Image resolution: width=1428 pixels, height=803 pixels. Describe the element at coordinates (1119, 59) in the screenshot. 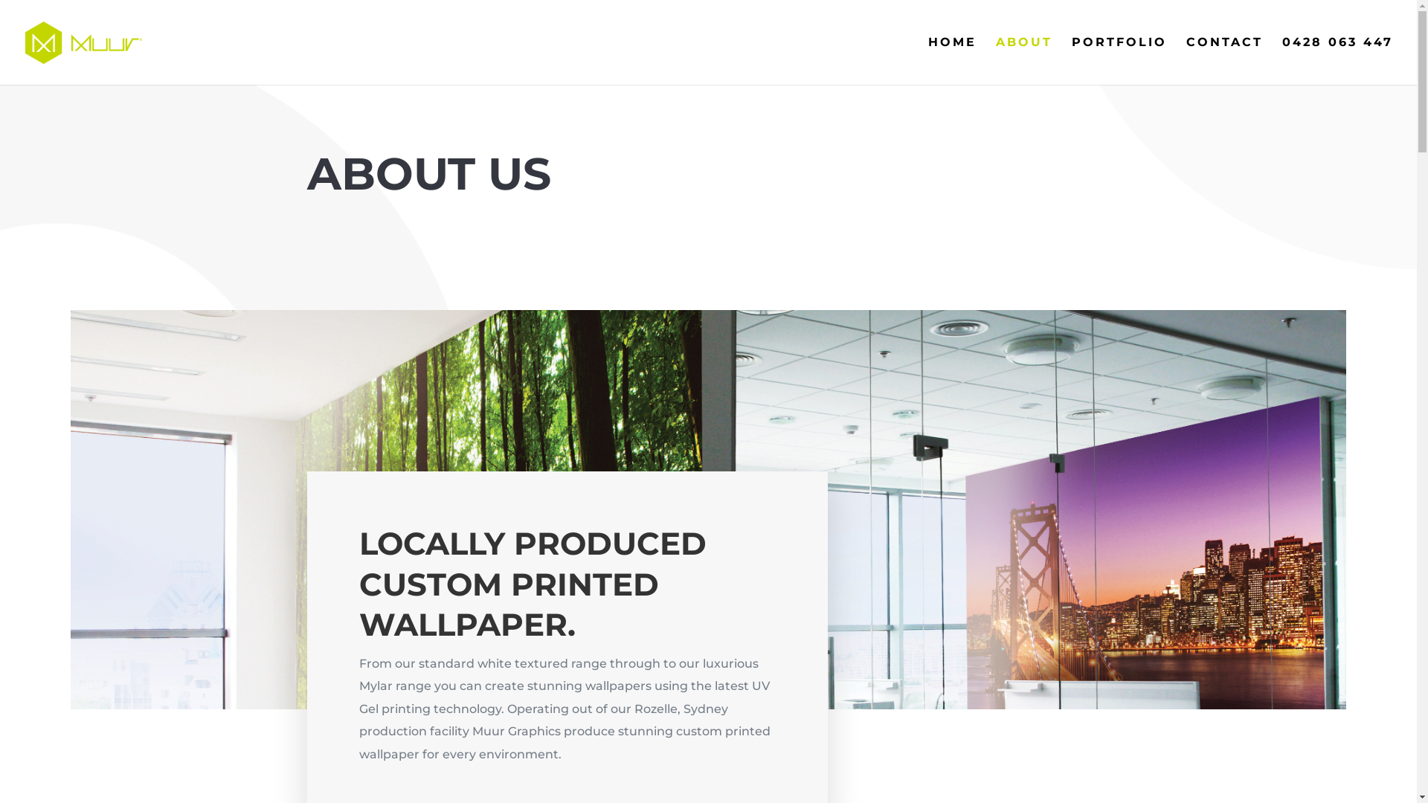

I see `'PORTFOLIO'` at that location.